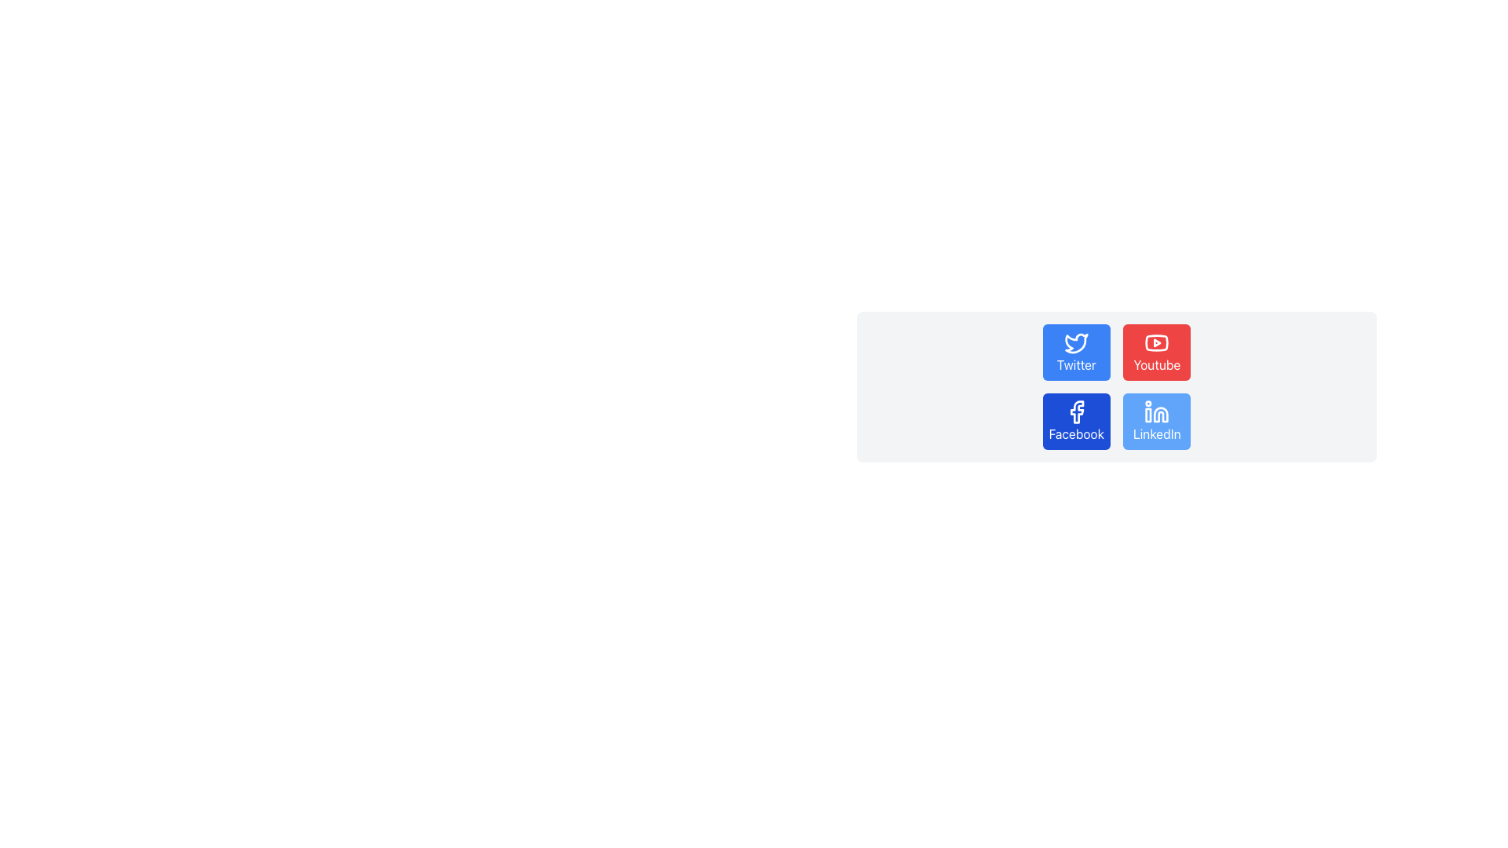 The height and width of the screenshot is (848, 1508). What do you see at coordinates (1075, 342) in the screenshot?
I see `the bird-shaped Twitter icon with a blue background and white artwork, located at the top-left of the social media icons group` at bounding box center [1075, 342].